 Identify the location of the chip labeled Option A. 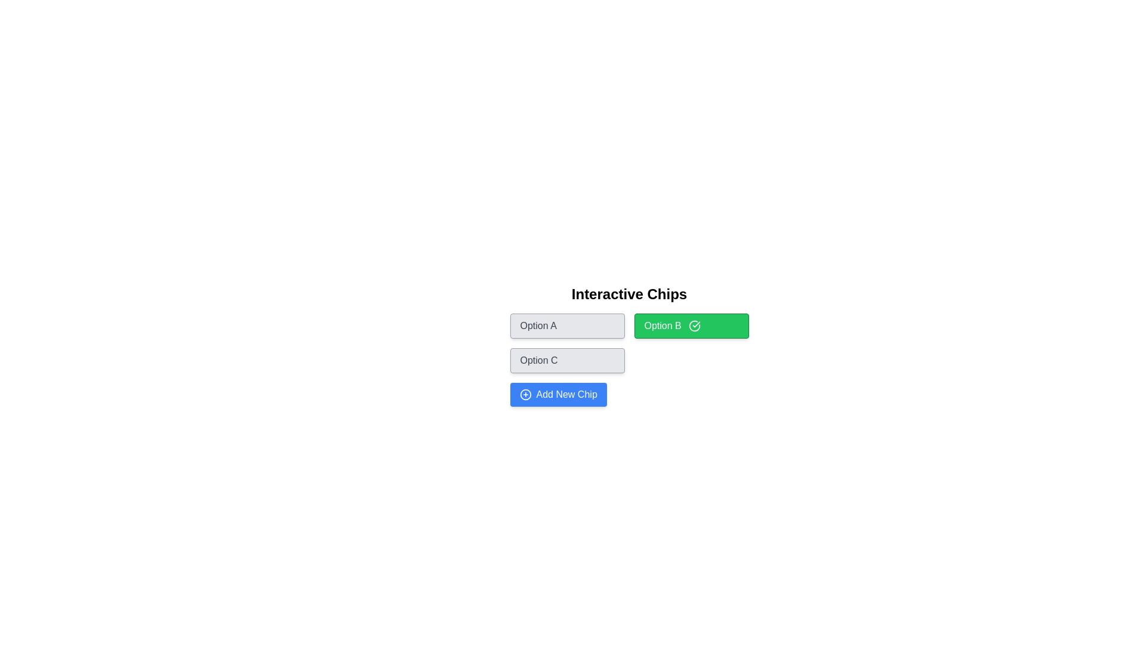
(566, 326).